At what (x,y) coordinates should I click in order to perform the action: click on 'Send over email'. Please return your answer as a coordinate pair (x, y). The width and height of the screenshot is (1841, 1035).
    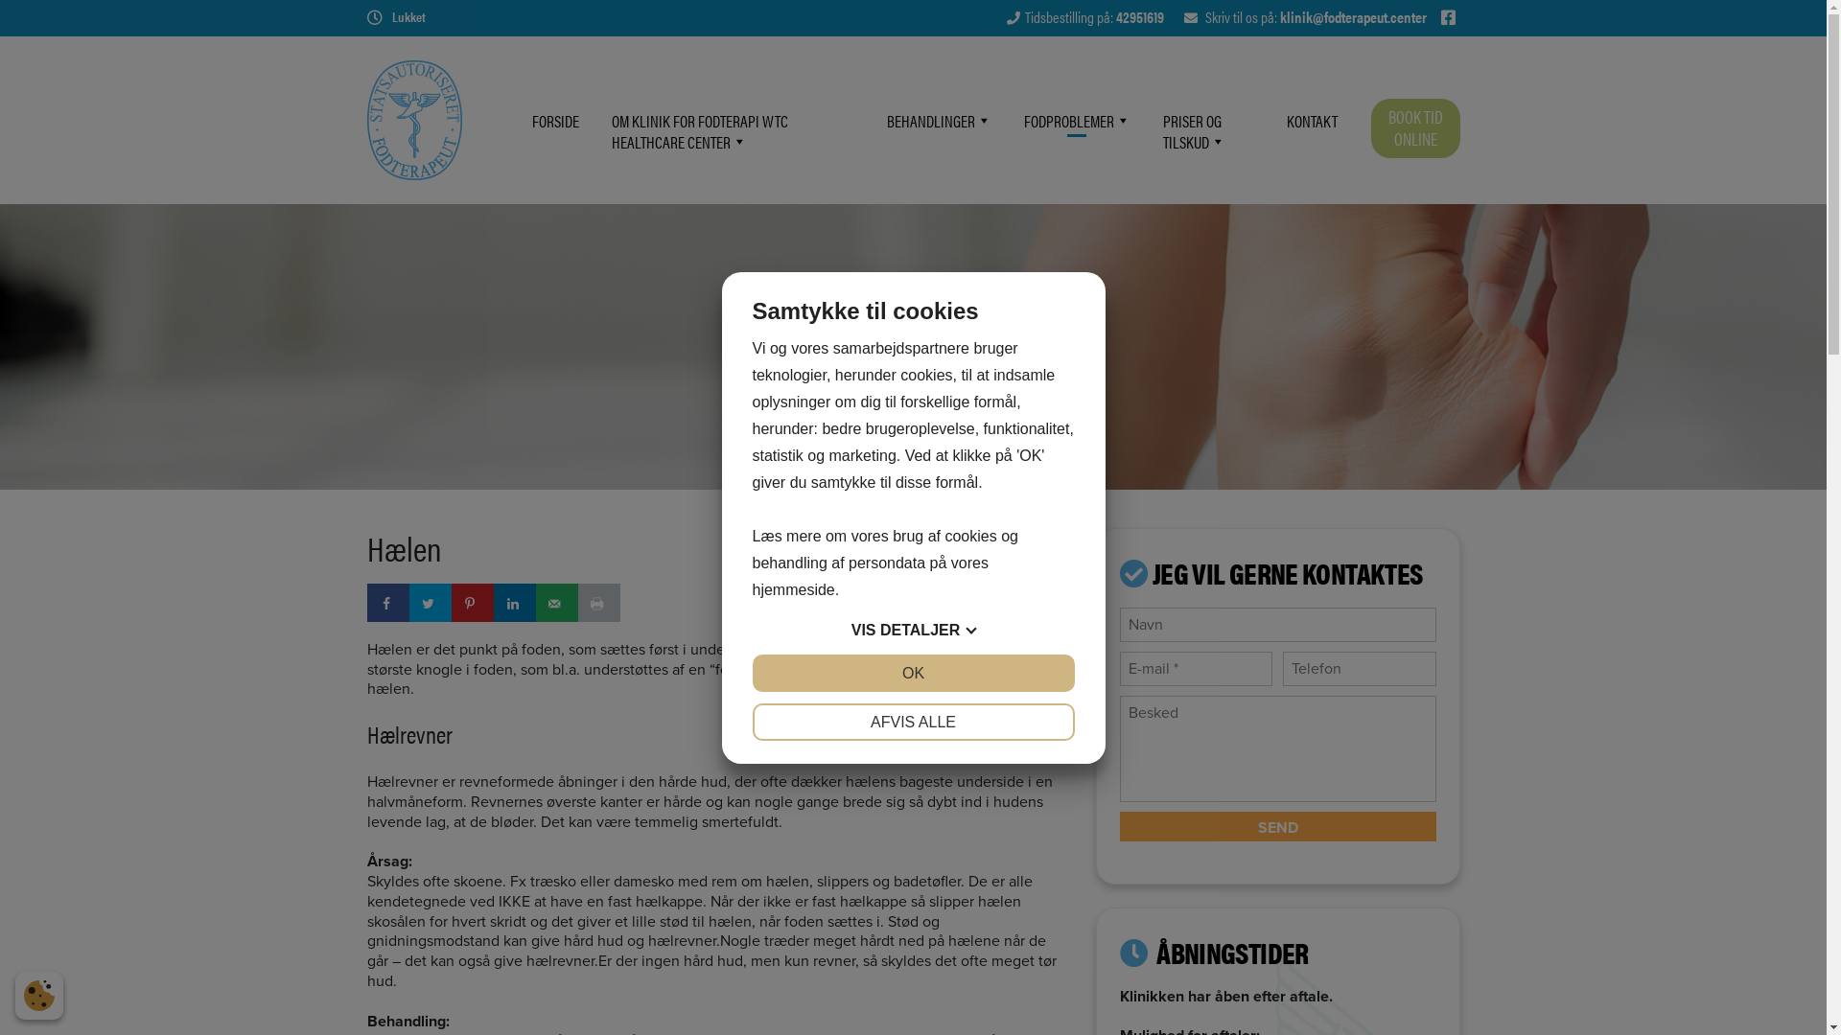
    Looking at the image, I should click on (555, 601).